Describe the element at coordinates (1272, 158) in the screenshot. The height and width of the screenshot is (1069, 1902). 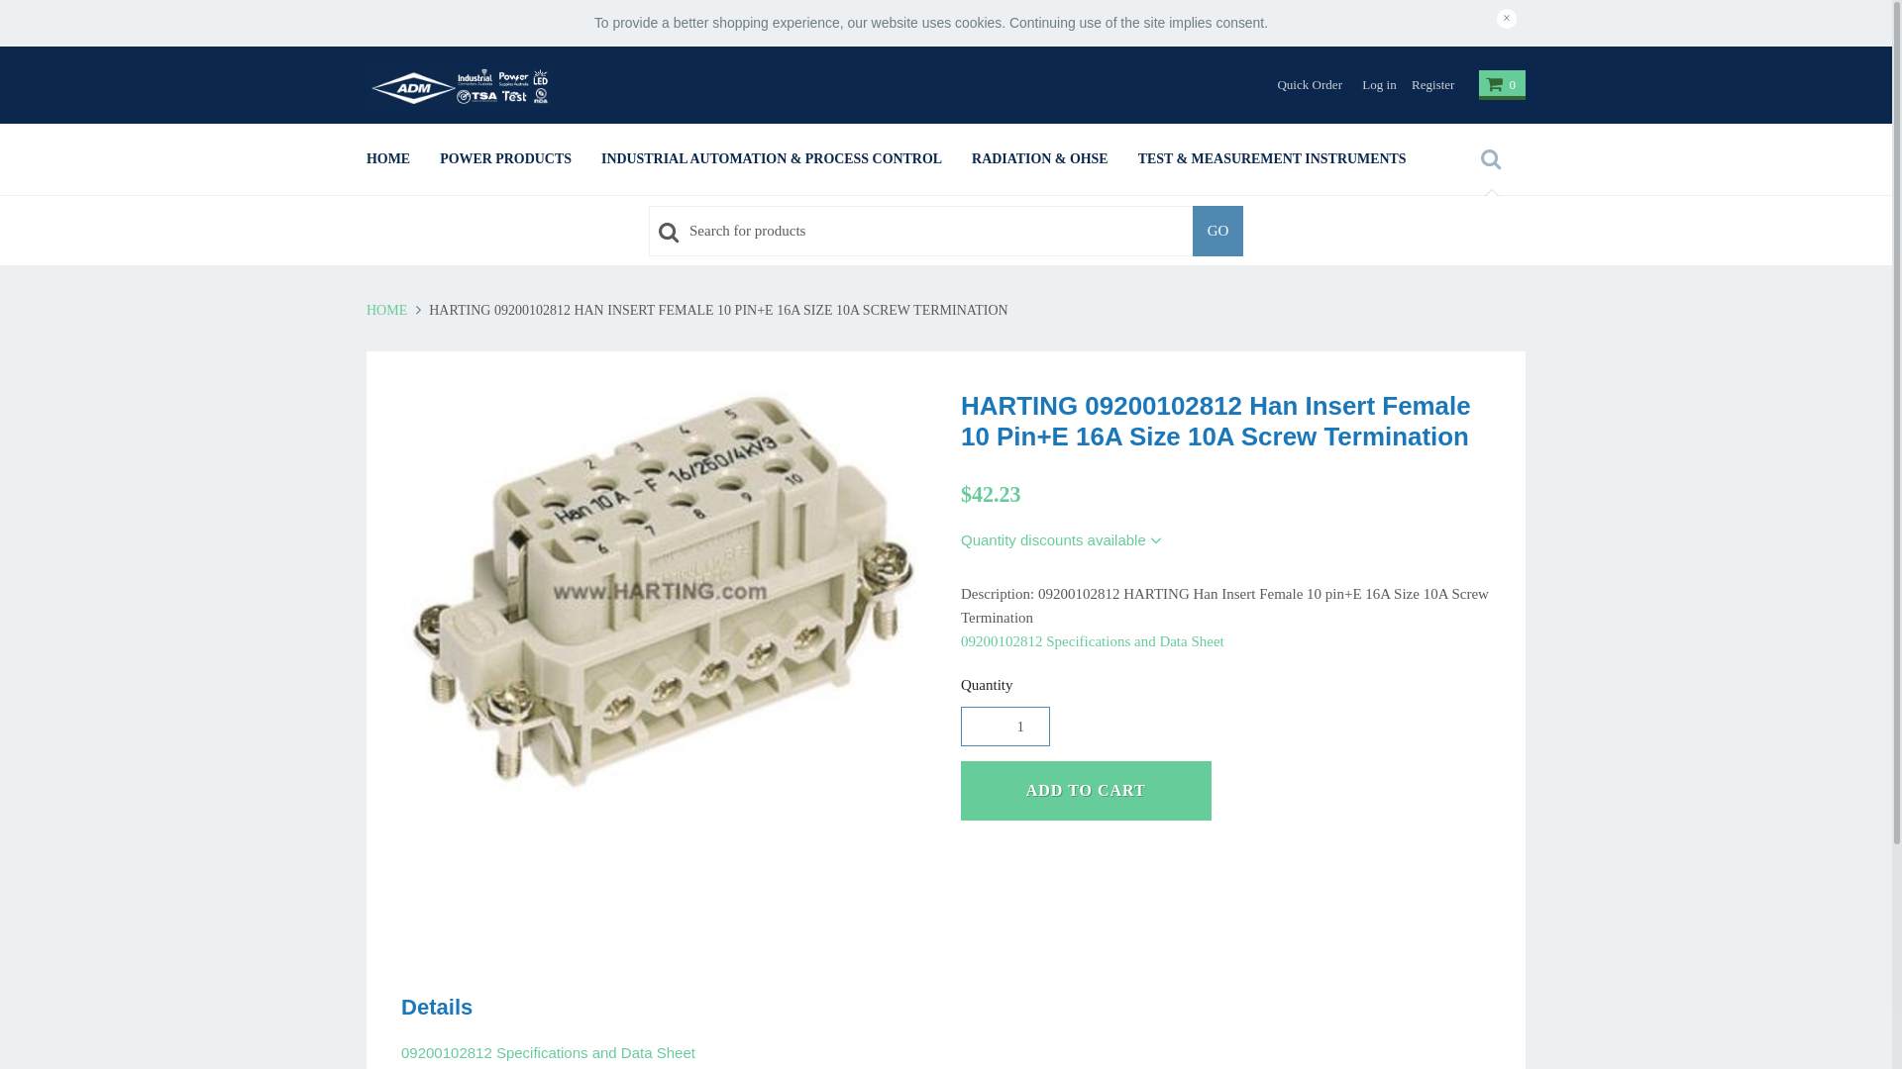
I see `'TEST & MEASUREMENT INSTRUMENTS'` at that location.